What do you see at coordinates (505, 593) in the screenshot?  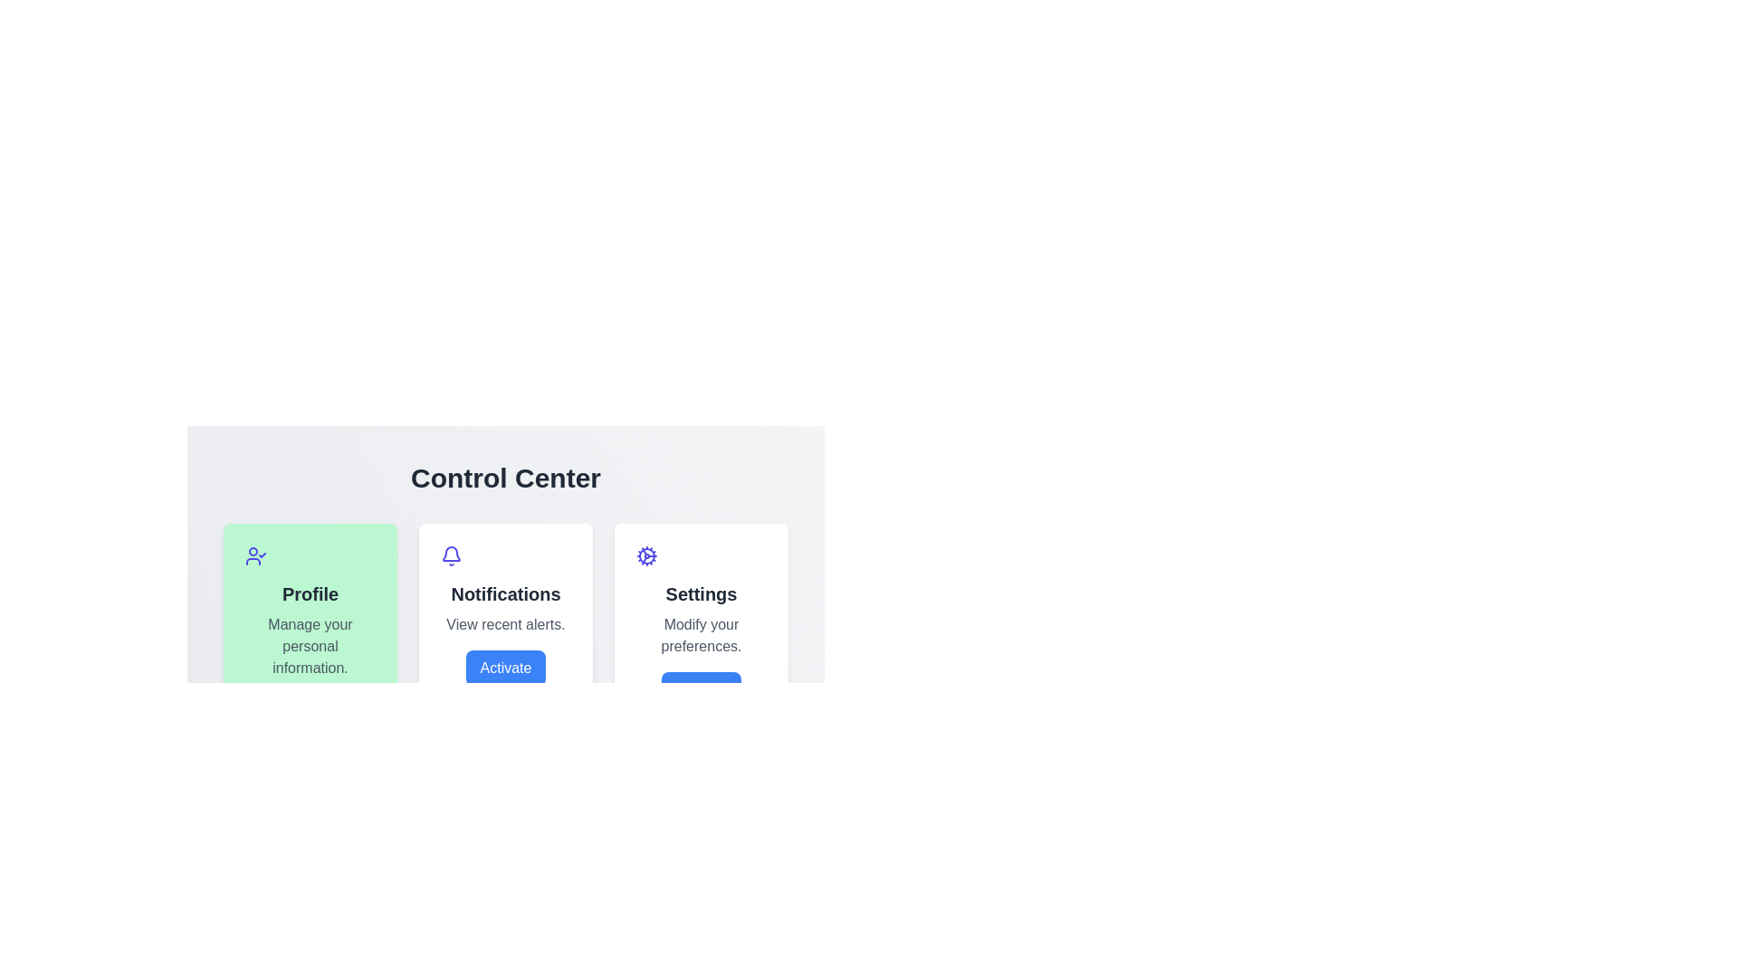 I see `the bold text label displaying 'Notifications' located centrally in the Notifications card, above the description 'View recent alerts.'` at bounding box center [505, 593].